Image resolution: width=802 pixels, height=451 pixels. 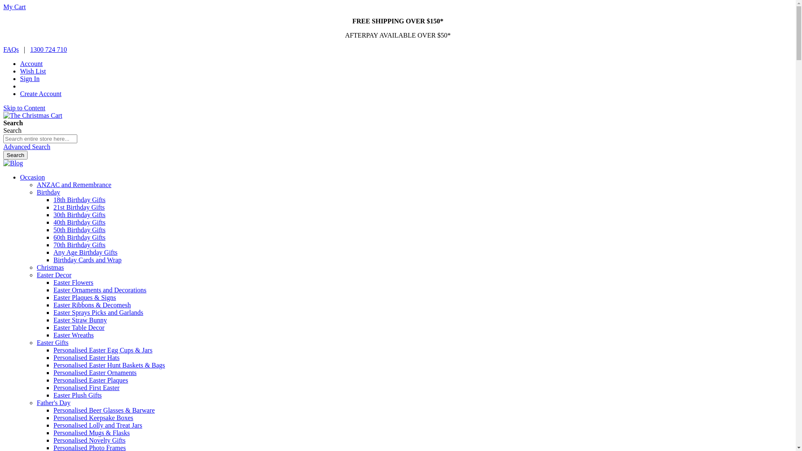 What do you see at coordinates (53, 402) in the screenshot?
I see `'Father's Day'` at bounding box center [53, 402].